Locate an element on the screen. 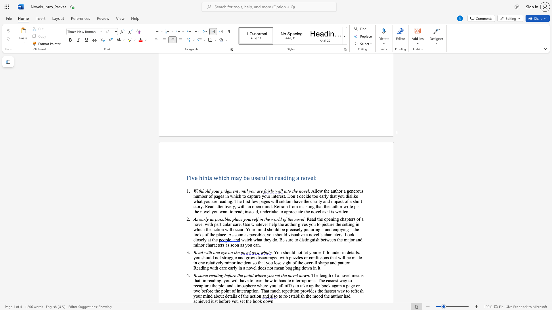 The height and width of the screenshot is (310, 552). the subset text "hhold your judgment unt" within the text "Withhold your judgment until you are" is located at coordinates (200, 191).